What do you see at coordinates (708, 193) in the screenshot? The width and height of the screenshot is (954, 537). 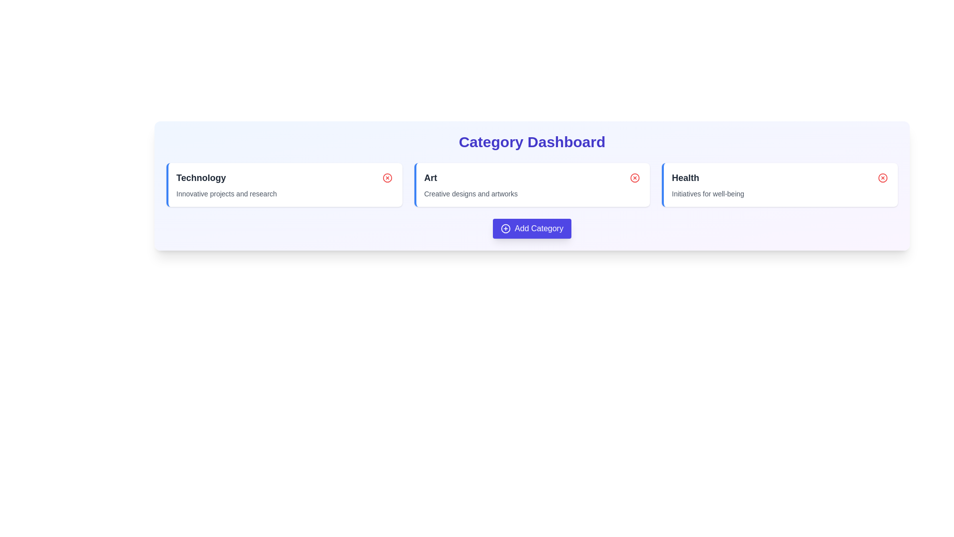 I see `text 'Initiatives for well-being' located directly beneath the bold 'Health' heading within a white, bordered card on the far right of the dashboard interface` at bounding box center [708, 193].